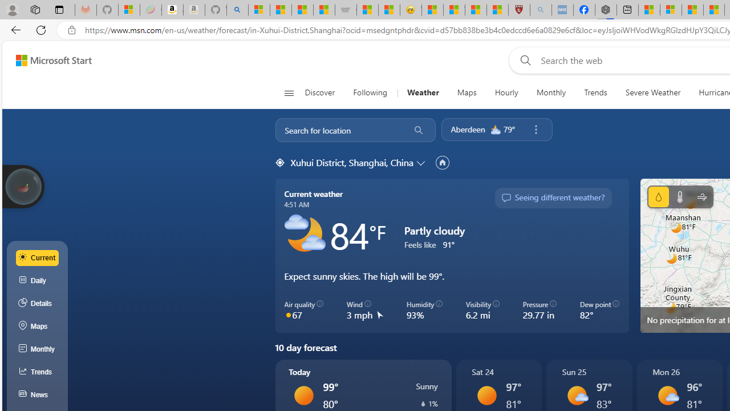 The height and width of the screenshot is (411, 730). Describe the element at coordinates (535, 129) in the screenshot. I see `'Remove location'` at that location.